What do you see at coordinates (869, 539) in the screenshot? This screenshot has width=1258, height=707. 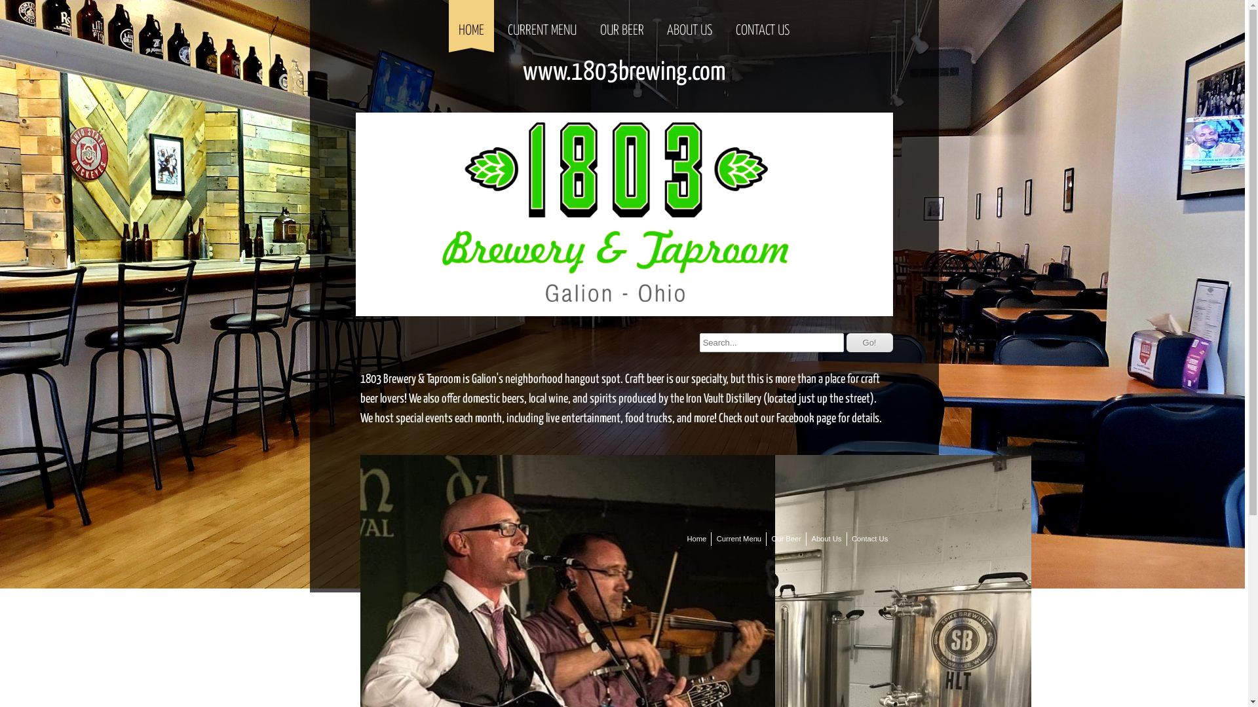 I see `'Contact Us'` at bounding box center [869, 539].